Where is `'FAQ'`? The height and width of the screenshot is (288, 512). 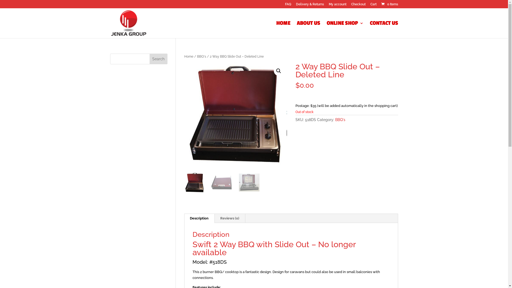 'FAQ' is located at coordinates (287, 5).